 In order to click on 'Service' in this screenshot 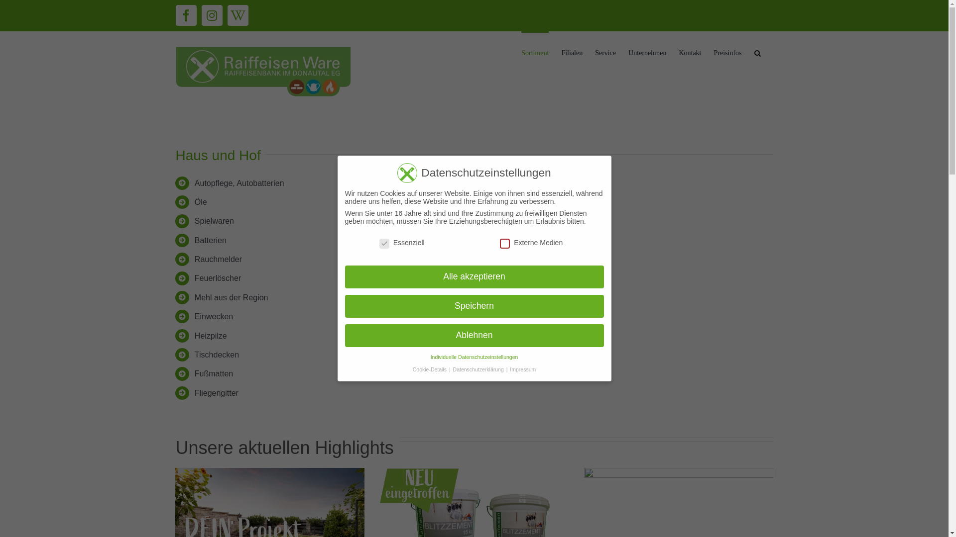, I will do `click(604, 52)`.